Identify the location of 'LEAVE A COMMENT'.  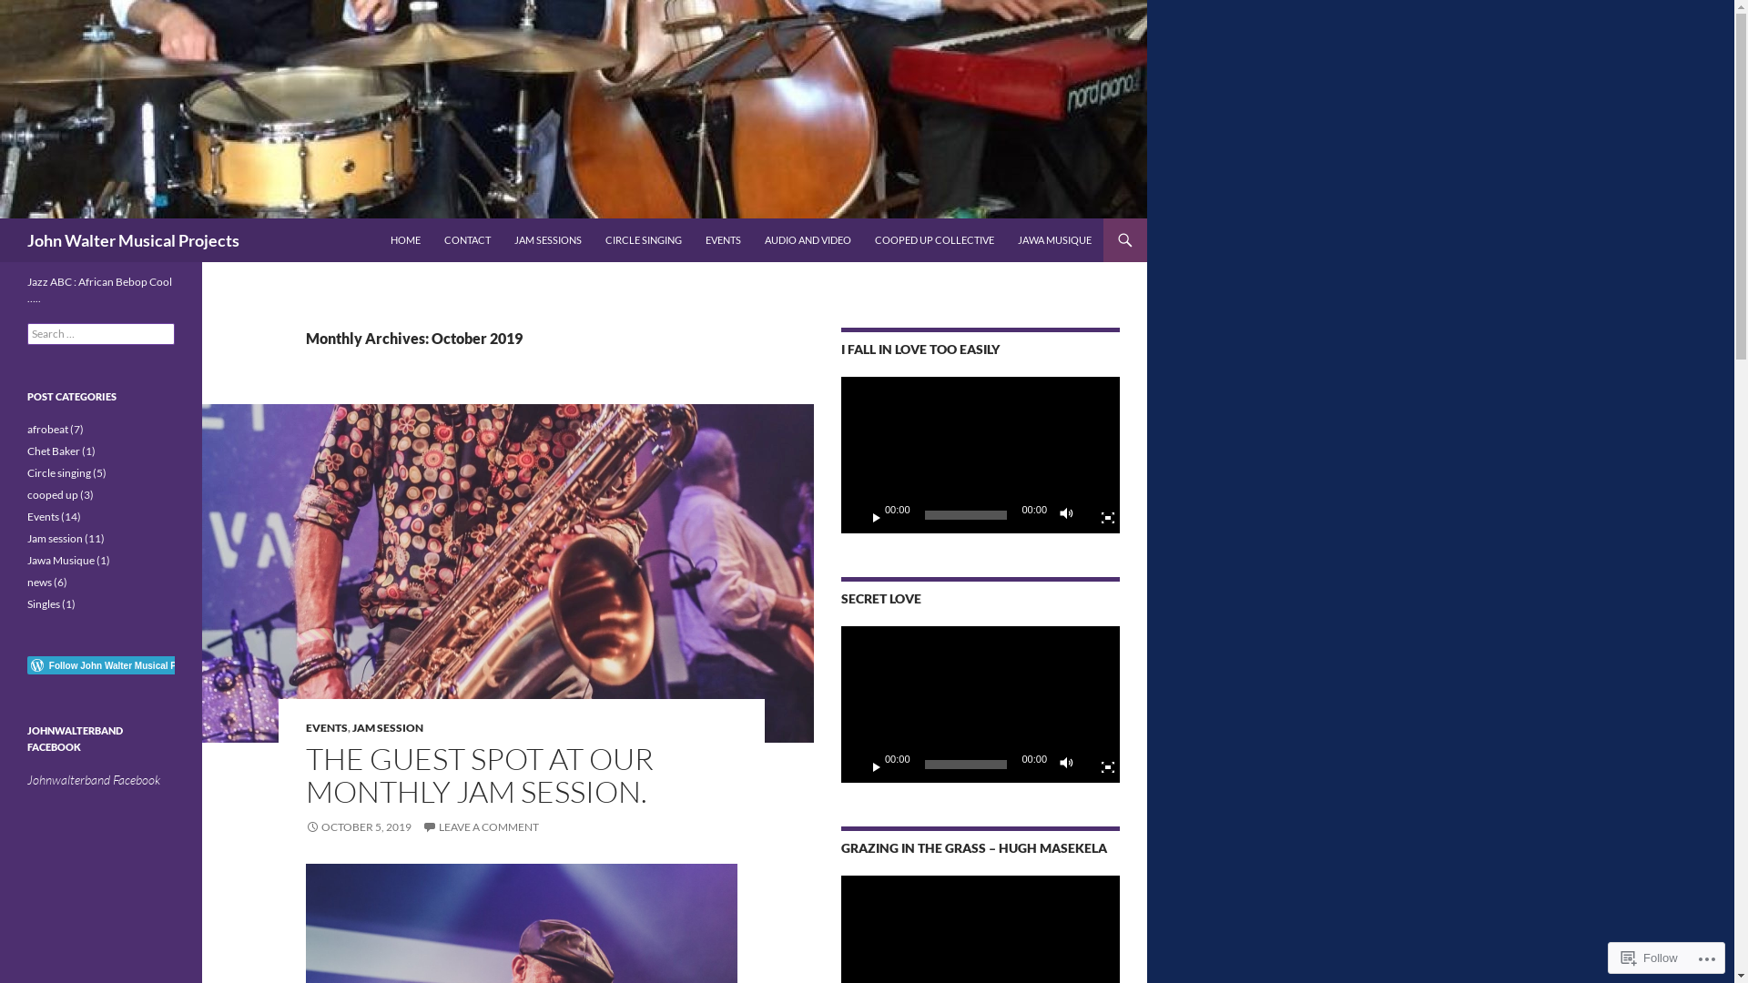
(422, 826).